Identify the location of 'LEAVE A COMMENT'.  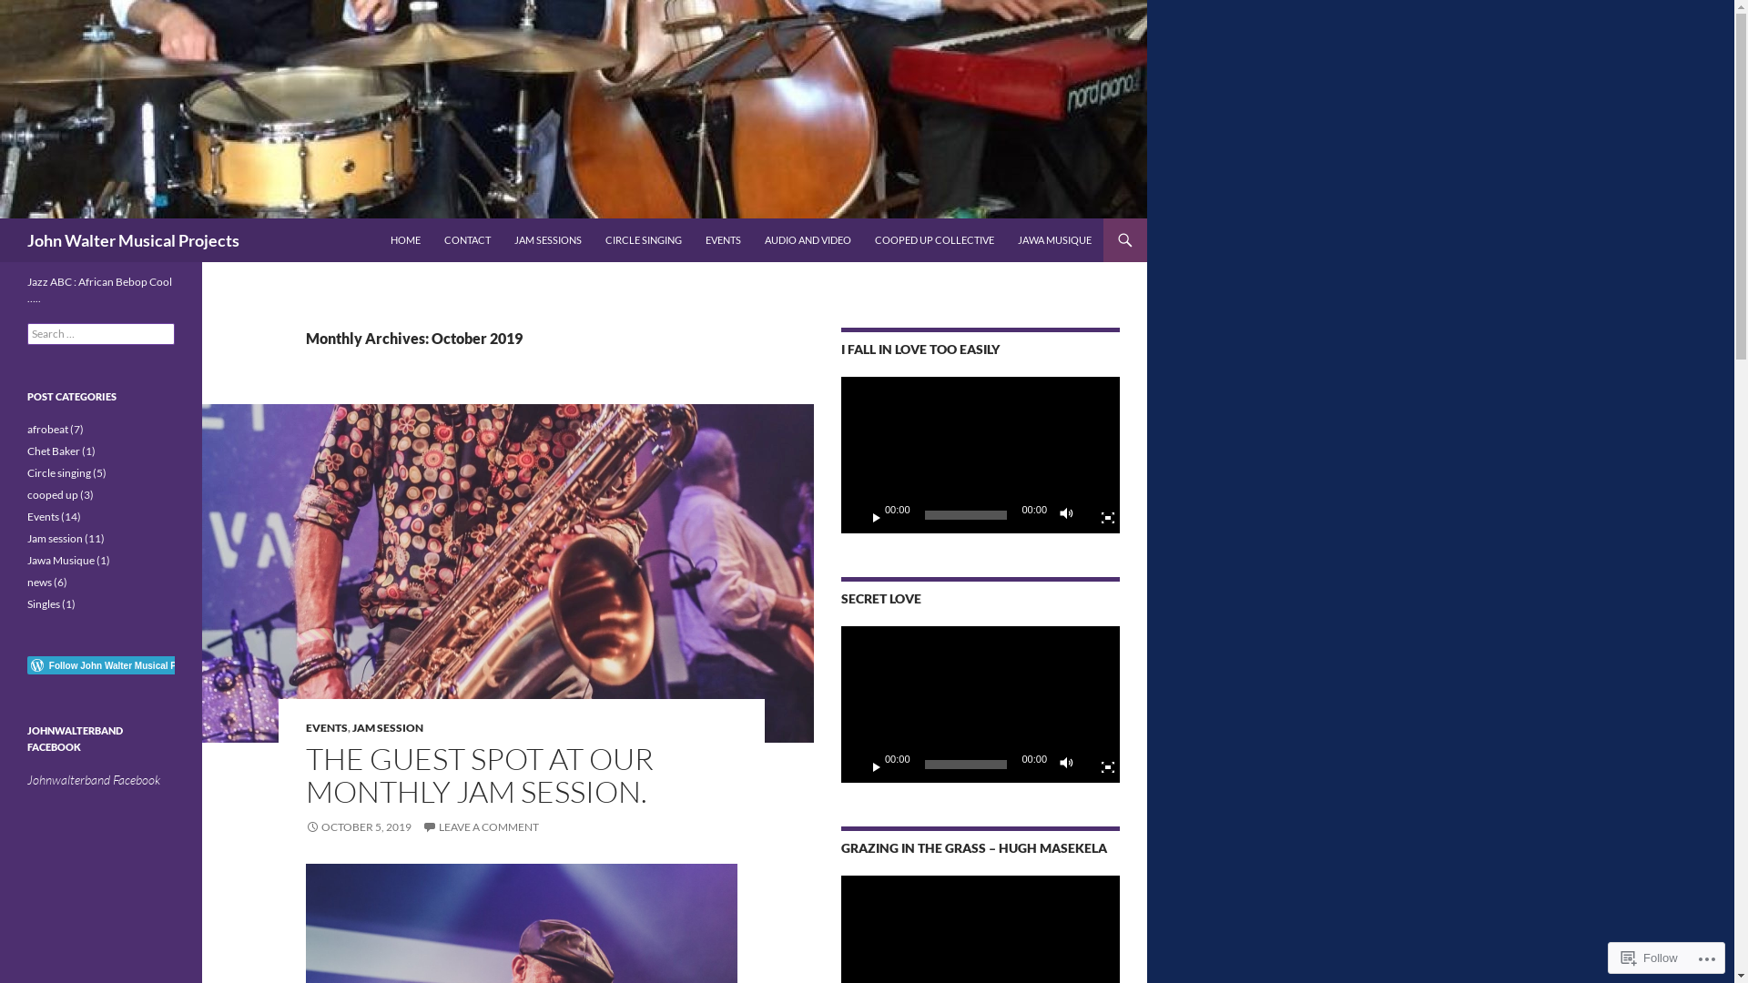
(422, 826).